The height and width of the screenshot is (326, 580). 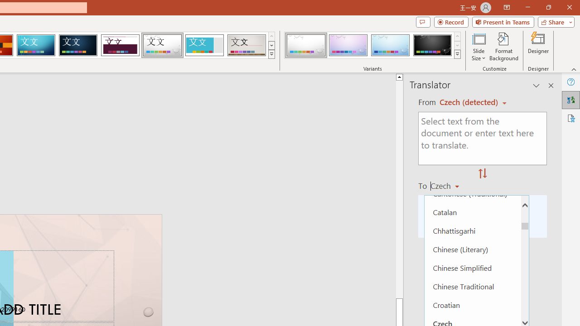 What do you see at coordinates (246, 45) in the screenshot?
I see `'Gallery'` at bounding box center [246, 45].